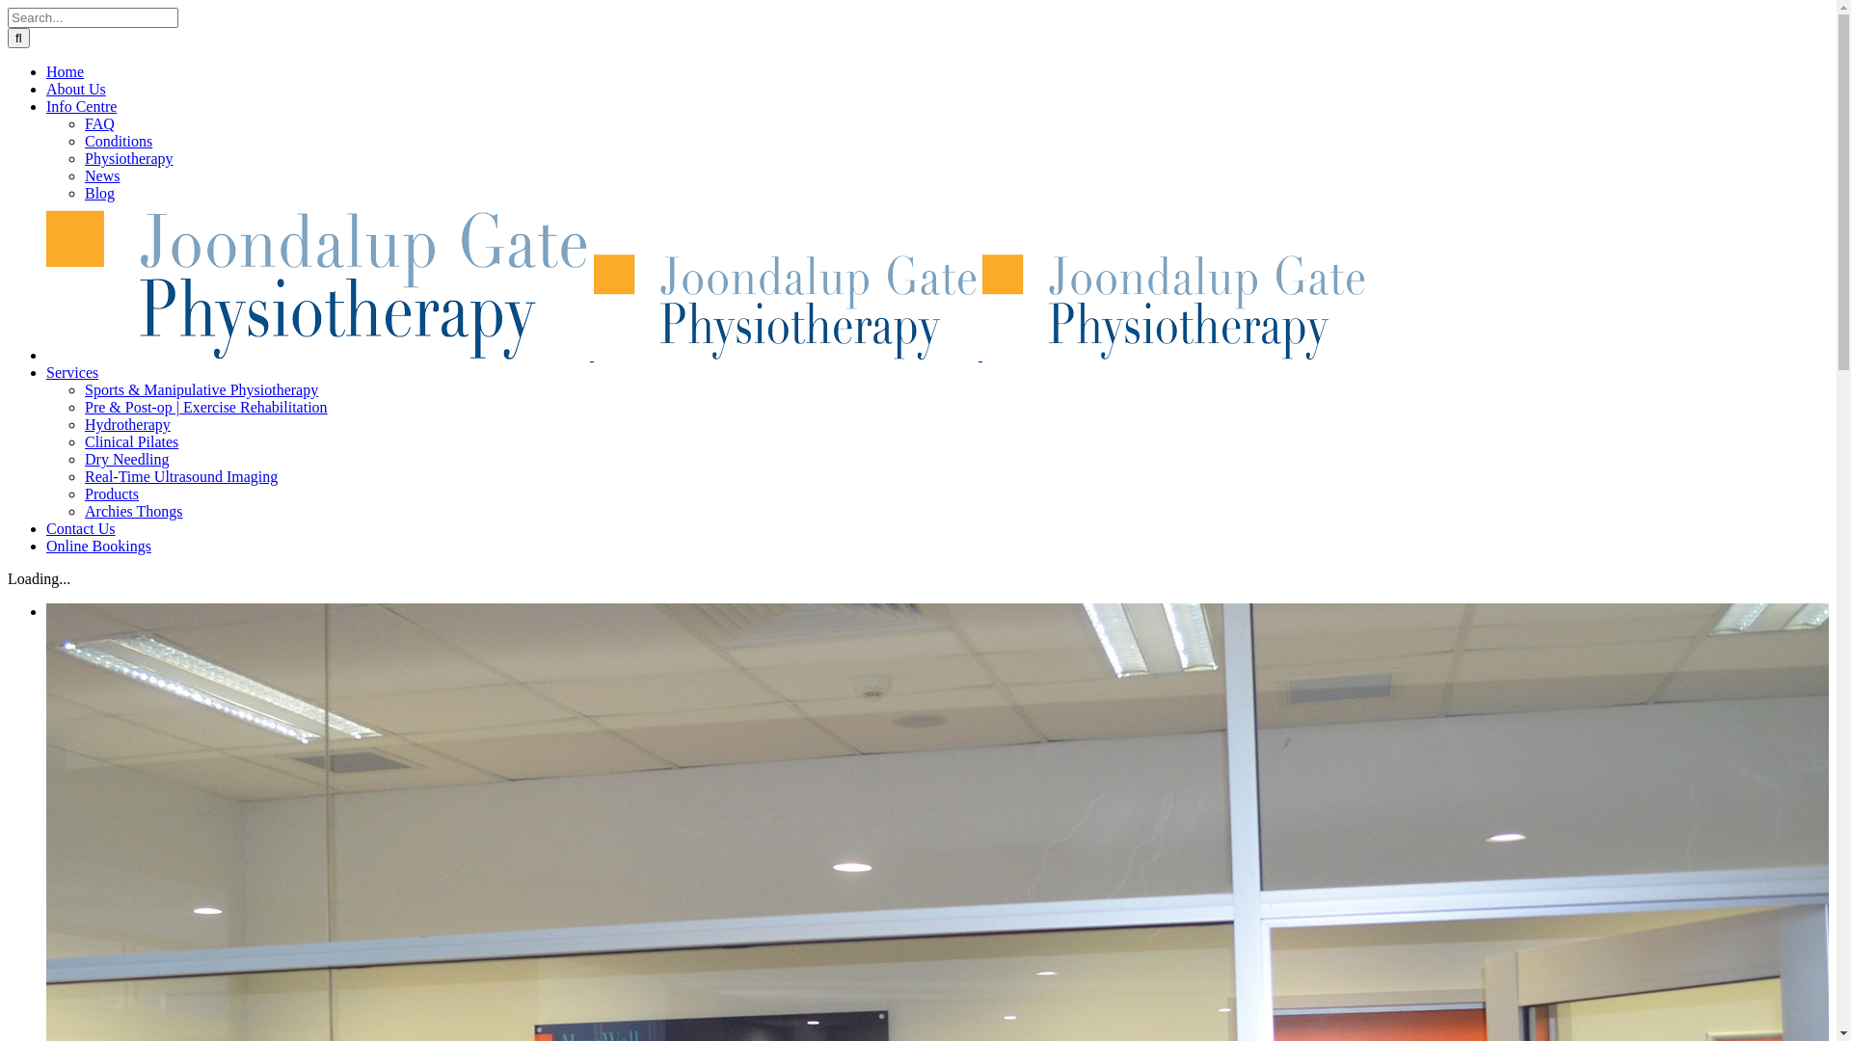 This screenshot has width=1851, height=1041. I want to click on 'Clinical Pilates', so click(130, 441).